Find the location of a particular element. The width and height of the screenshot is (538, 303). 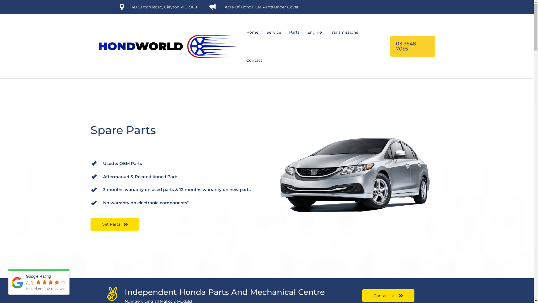

'Contact' is located at coordinates (254, 60).